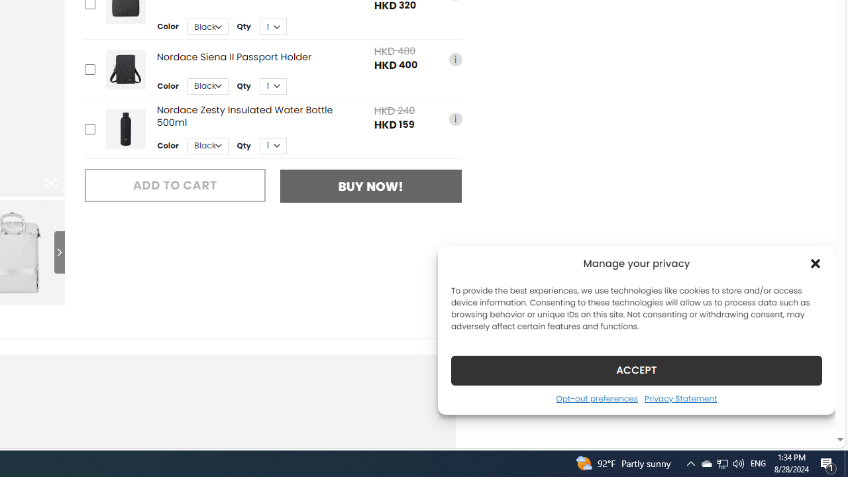 This screenshot has height=477, width=848. What do you see at coordinates (815, 263) in the screenshot?
I see `'Class: cmplz-close'` at bounding box center [815, 263].